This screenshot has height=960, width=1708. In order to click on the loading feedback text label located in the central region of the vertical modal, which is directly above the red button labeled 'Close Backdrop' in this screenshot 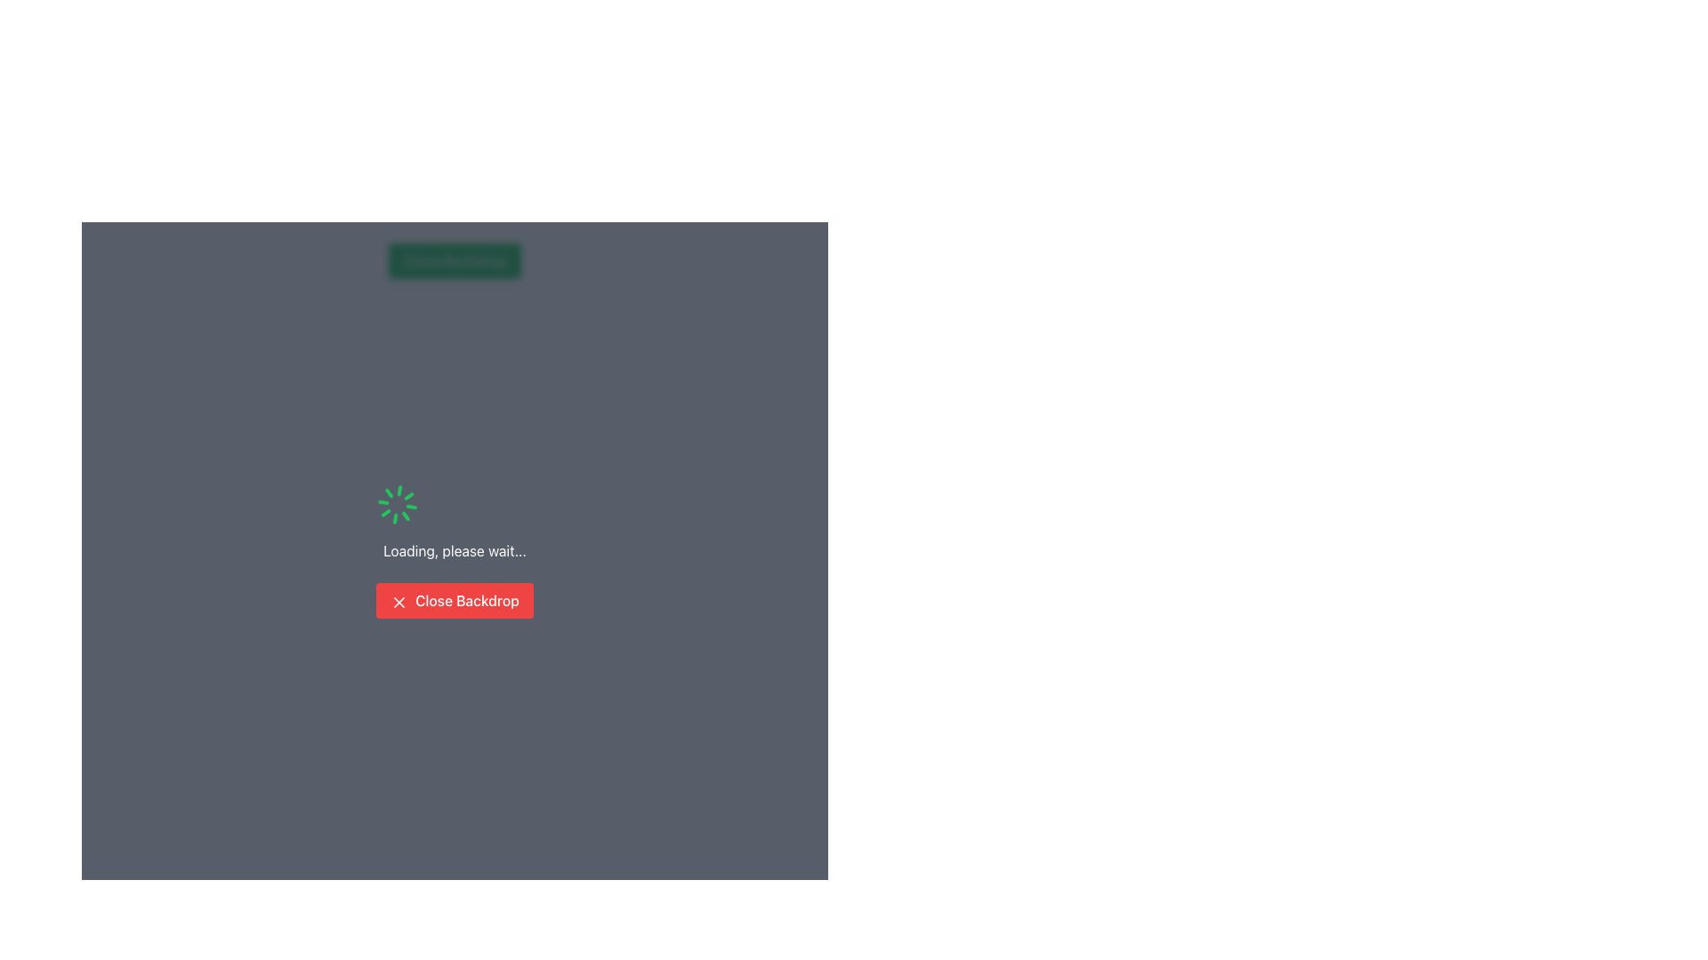, I will do `click(455, 550)`.